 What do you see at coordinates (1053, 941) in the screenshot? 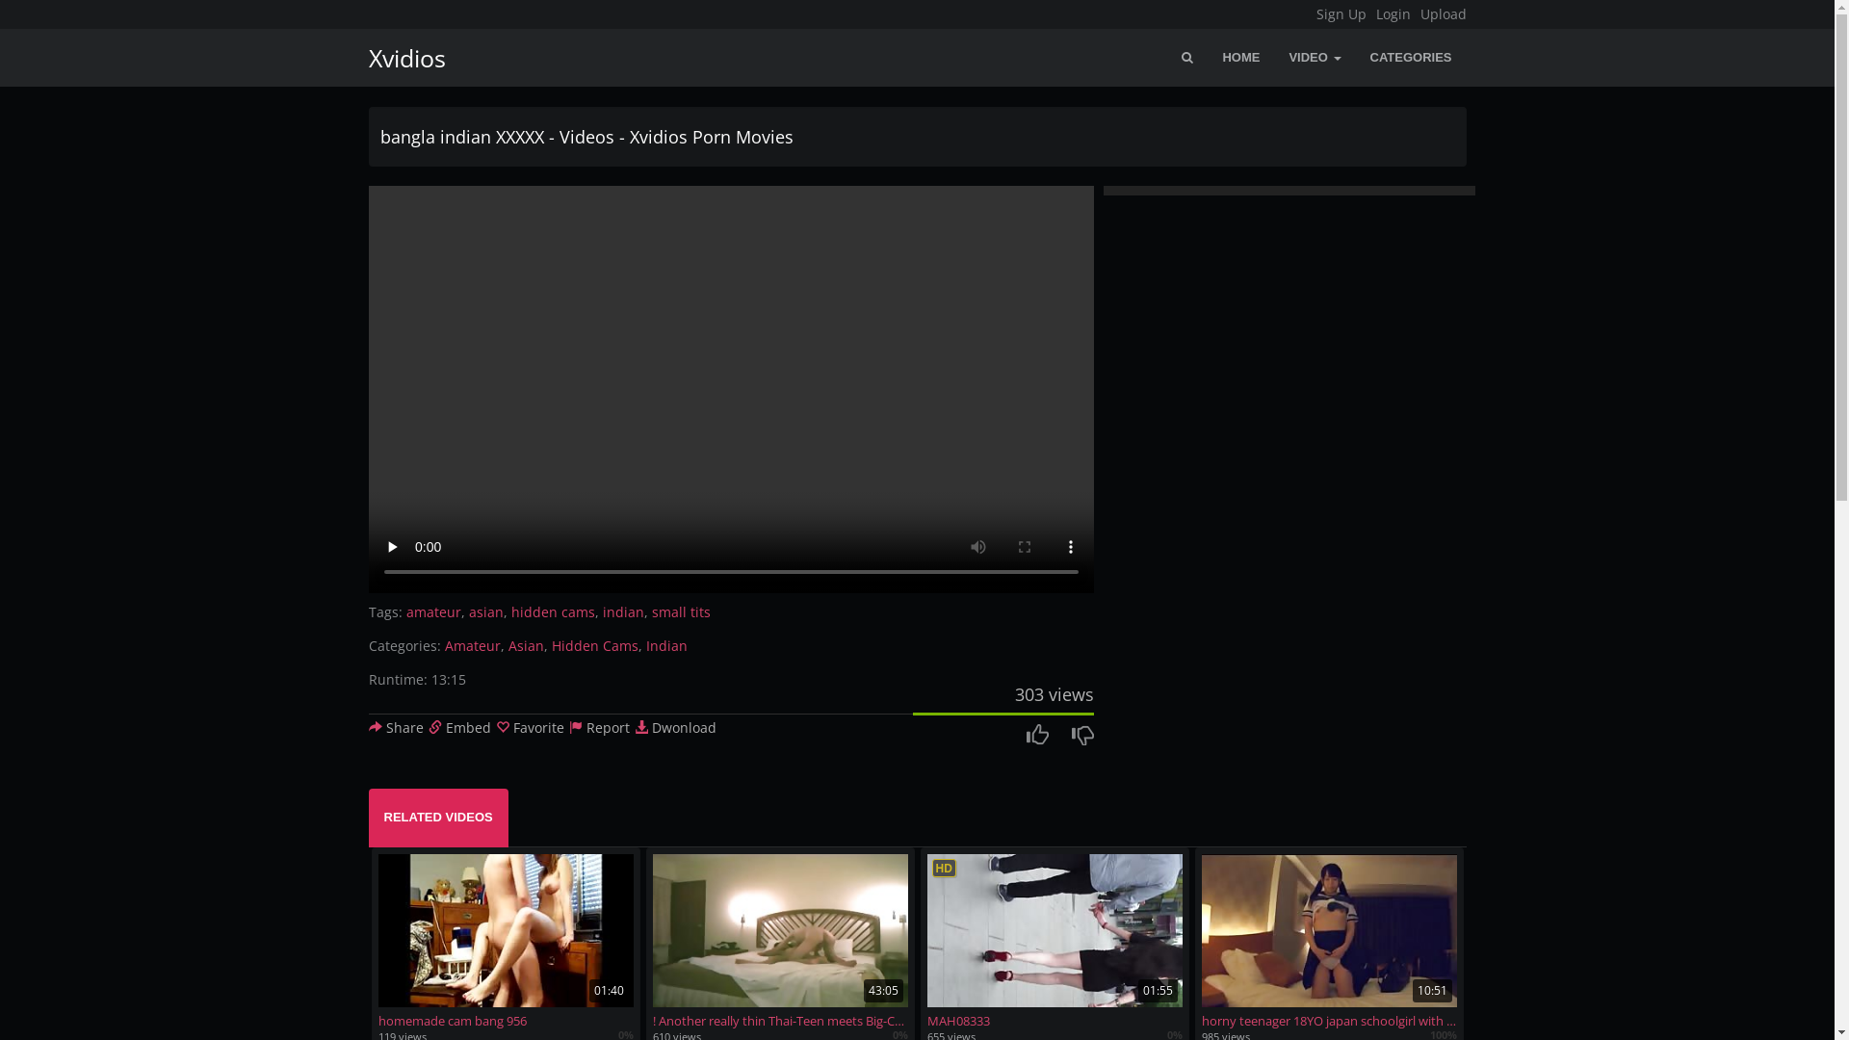
I see `'HD` at bounding box center [1053, 941].